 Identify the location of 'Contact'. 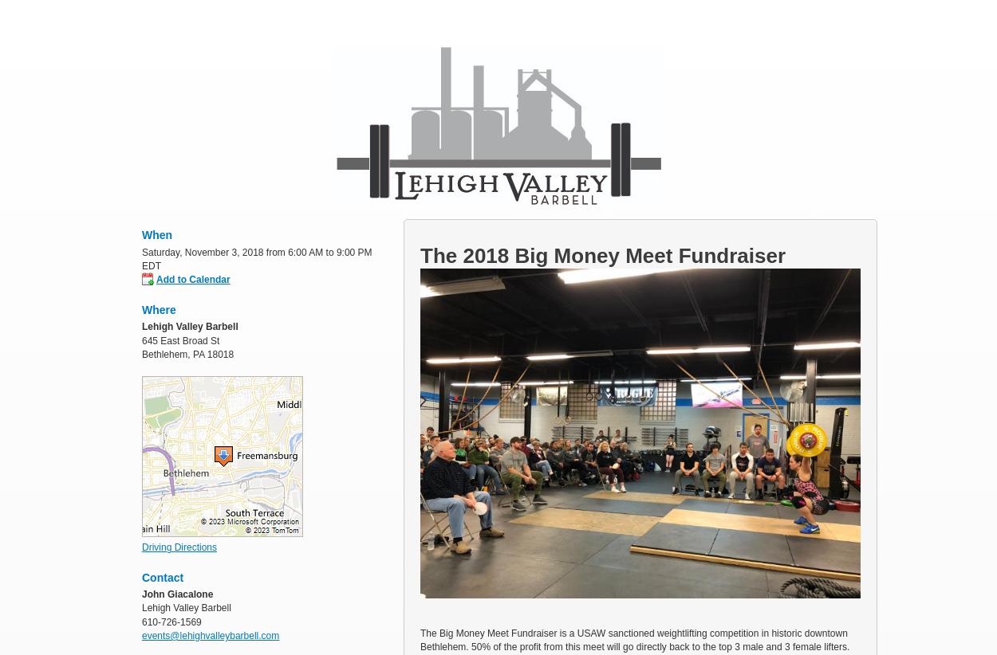
(162, 577).